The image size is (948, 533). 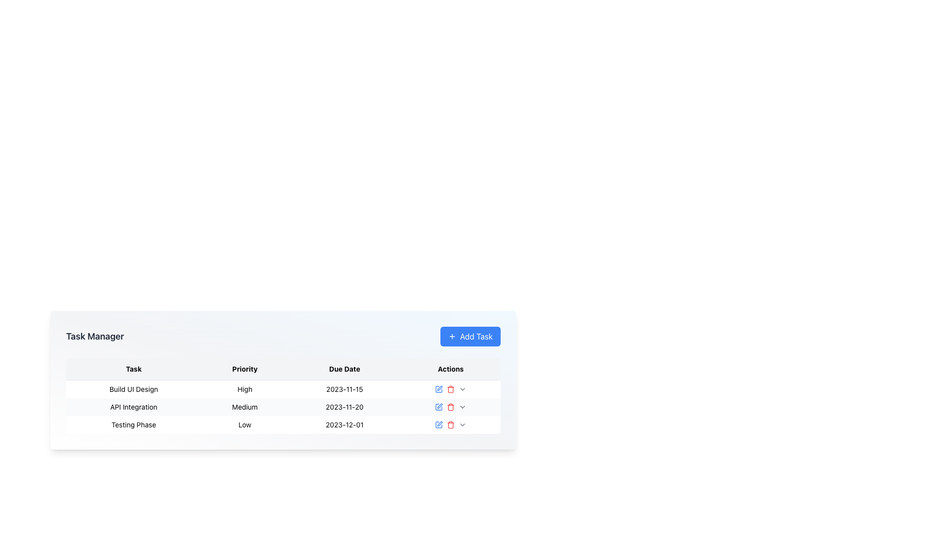 I want to click on the Text label indicating the priority level of the 'Testing Phase' task, located in the second cell of the 'Priority' column in the bottom row of a three-row table, so click(x=245, y=424).